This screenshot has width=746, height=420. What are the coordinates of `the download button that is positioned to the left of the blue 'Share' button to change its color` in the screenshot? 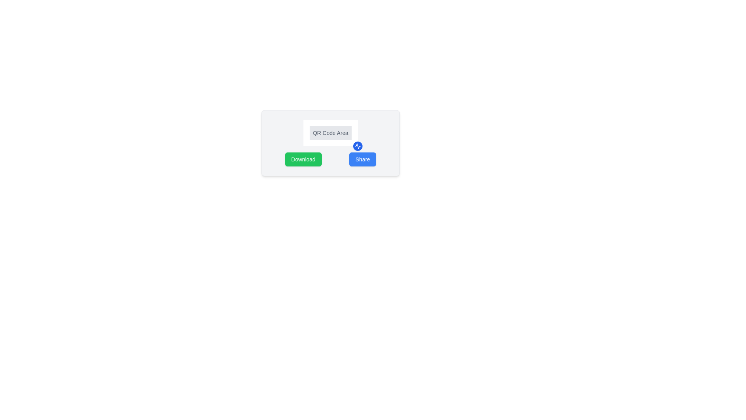 It's located at (303, 159).